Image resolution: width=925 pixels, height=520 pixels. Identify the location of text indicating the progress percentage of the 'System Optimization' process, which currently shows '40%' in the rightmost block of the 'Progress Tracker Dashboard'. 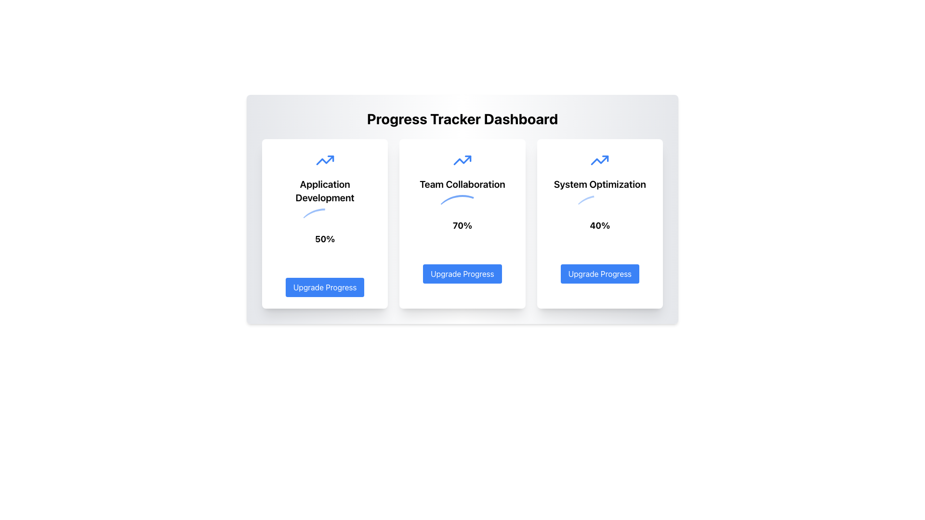
(599, 226).